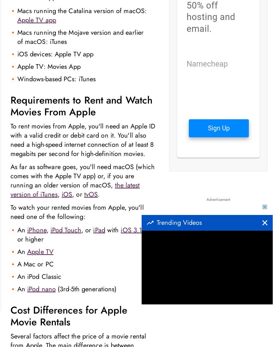 The image size is (278, 347). What do you see at coordinates (55, 54) in the screenshot?
I see `'iOS devices: Apple TV app'` at bounding box center [55, 54].